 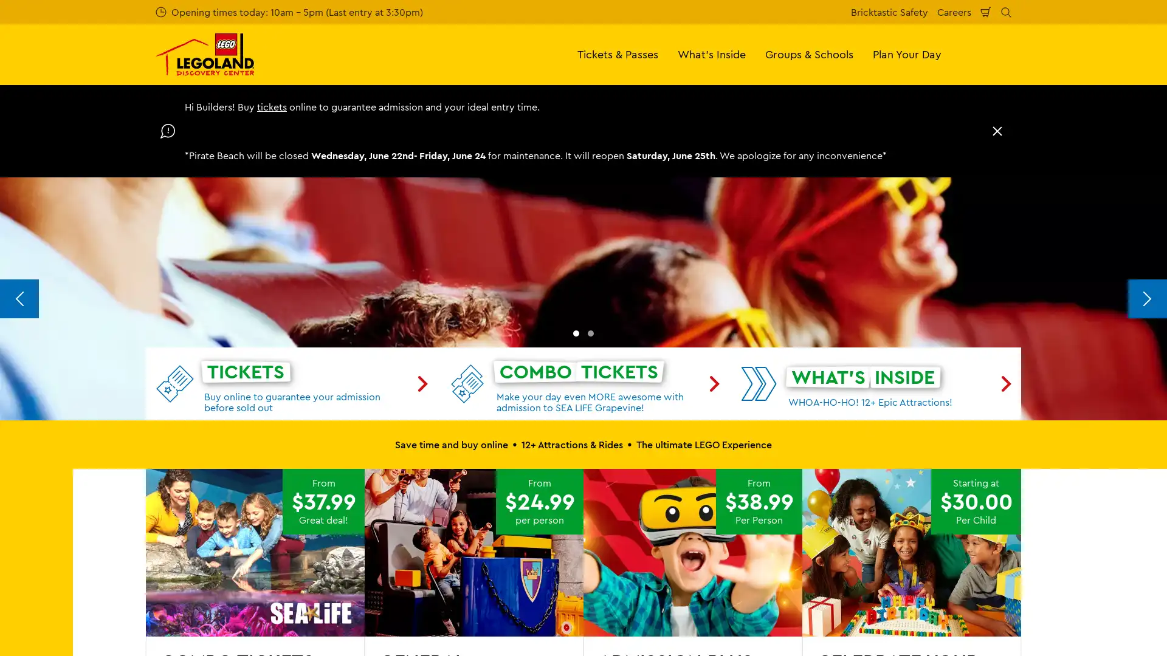 I want to click on Tickets & Passes, so click(x=618, y=53).